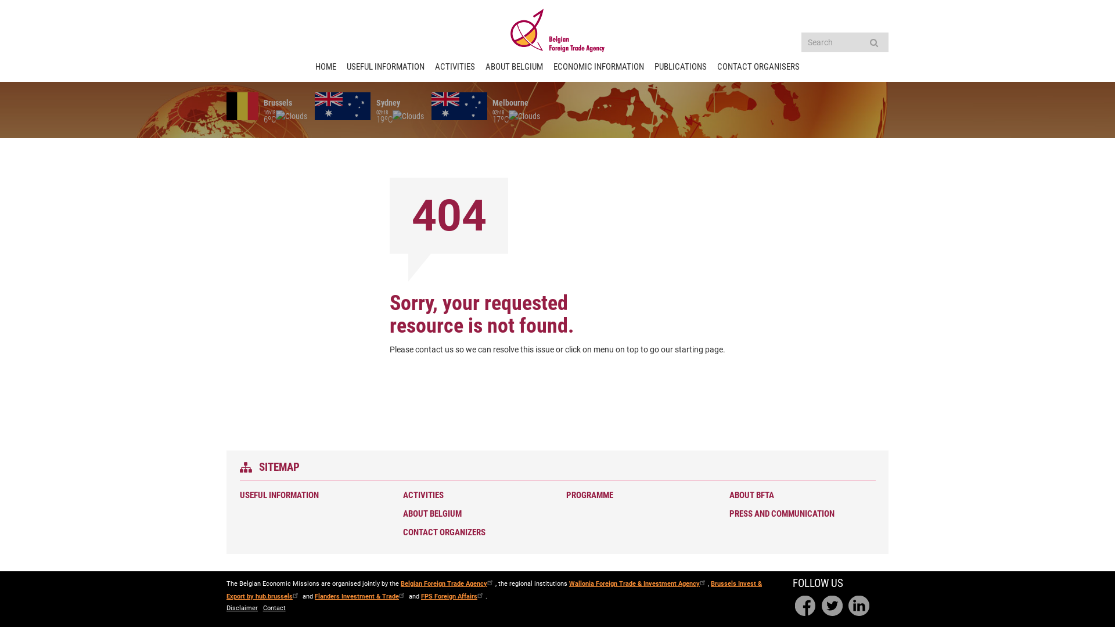 The height and width of the screenshot is (627, 1115). What do you see at coordinates (310, 495) in the screenshot?
I see `'USEFUL INFORMATION'` at bounding box center [310, 495].